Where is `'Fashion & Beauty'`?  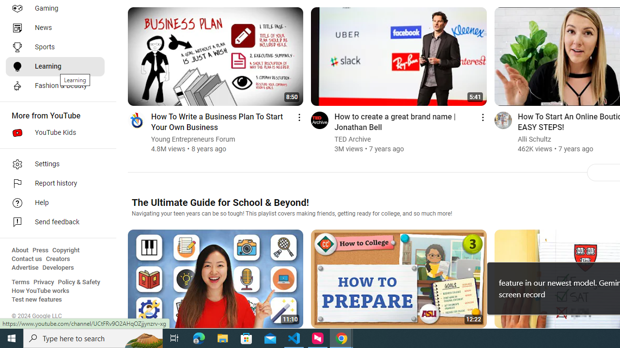
'Fashion & Beauty' is located at coordinates (54, 85).